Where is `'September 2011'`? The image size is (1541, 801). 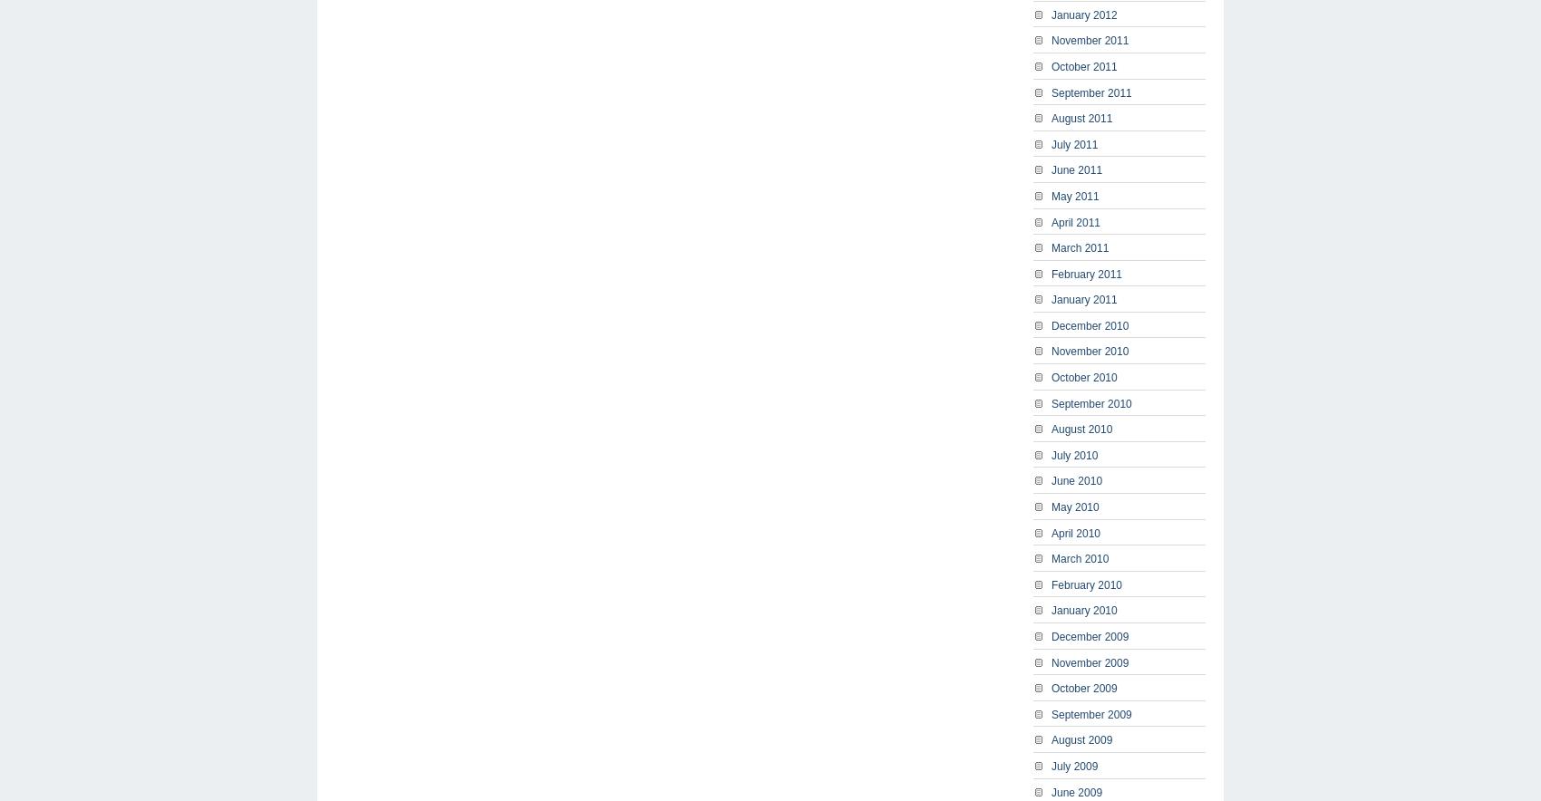 'September 2011' is located at coordinates (1052, 92).